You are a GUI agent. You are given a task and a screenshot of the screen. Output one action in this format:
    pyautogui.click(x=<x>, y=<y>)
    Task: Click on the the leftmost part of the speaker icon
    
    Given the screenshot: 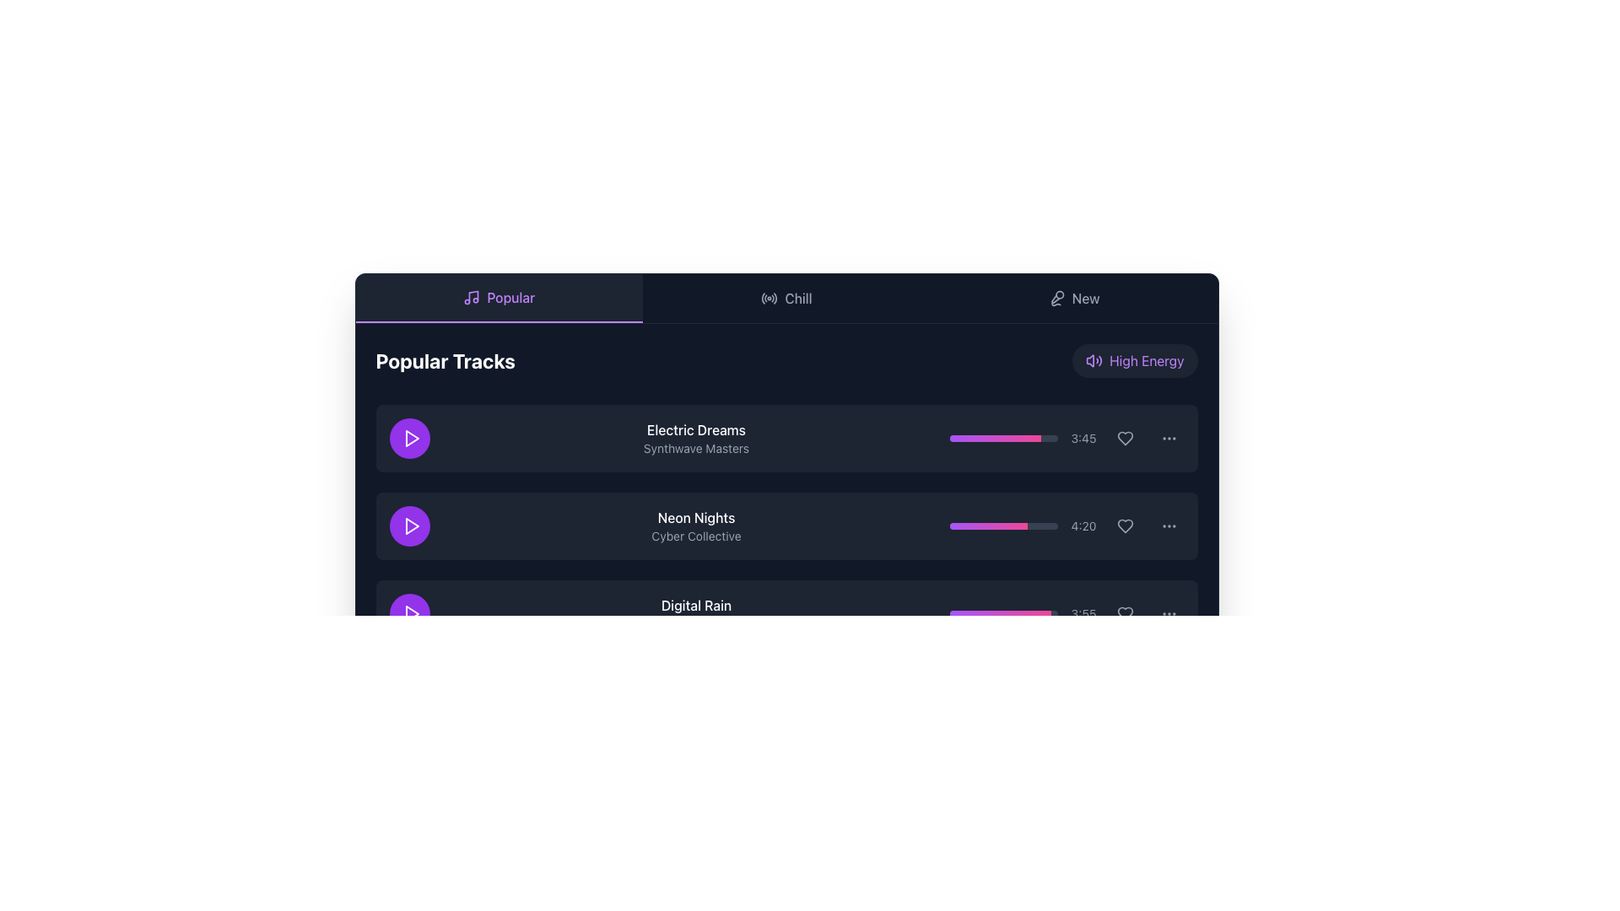 What is the action you would take?
    pyautogui.click(x=1090, y=360)
    